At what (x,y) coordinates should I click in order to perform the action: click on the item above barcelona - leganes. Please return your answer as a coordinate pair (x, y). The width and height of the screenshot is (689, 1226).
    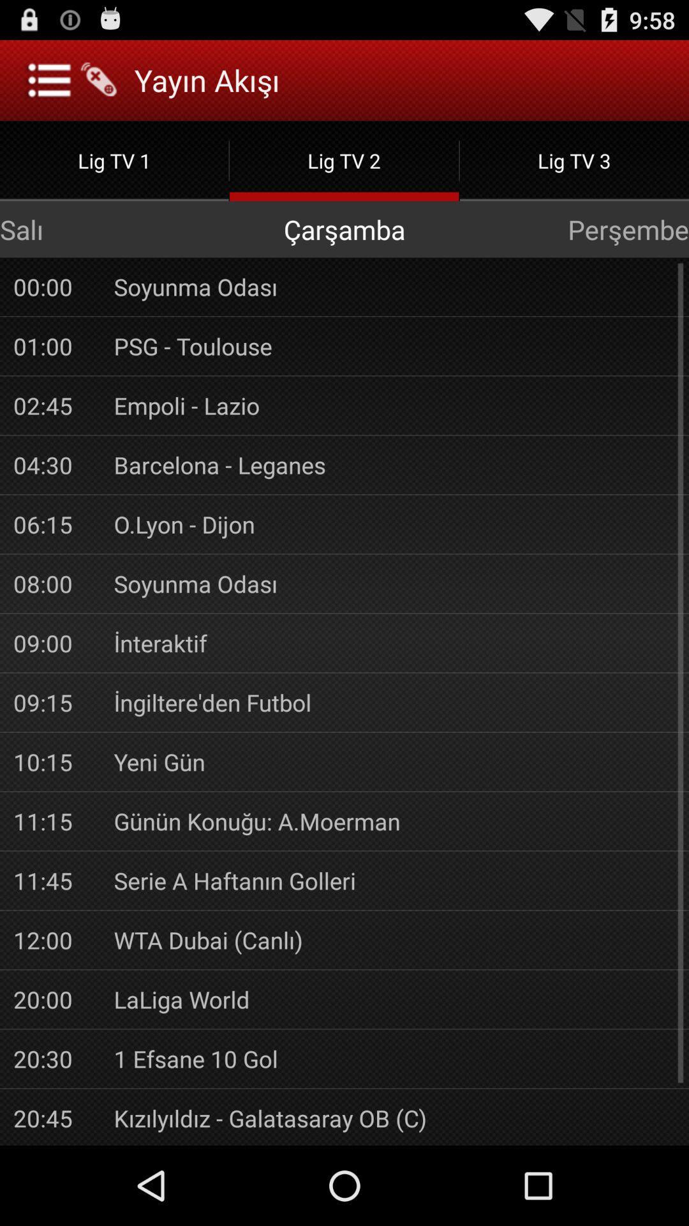
    Looking at the image, I should click on (394, 405).